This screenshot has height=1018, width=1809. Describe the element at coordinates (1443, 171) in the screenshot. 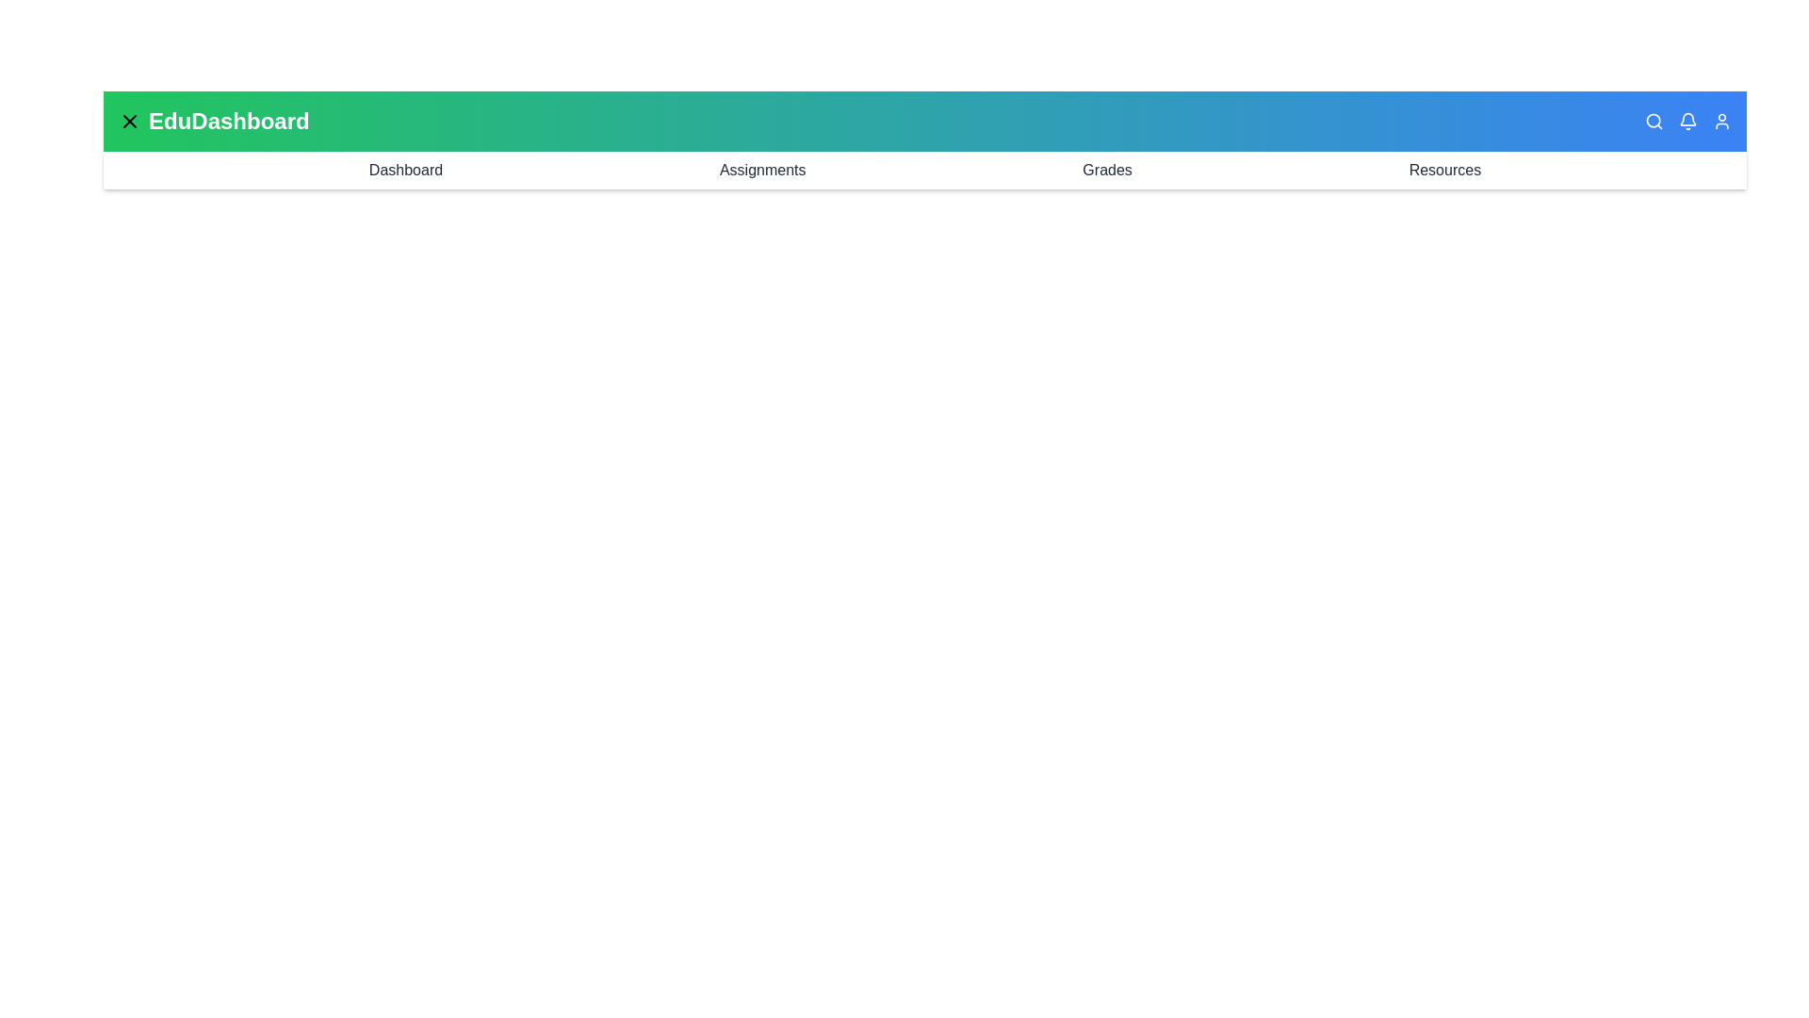

I see `the navigation link Resources to access its section` at that location.